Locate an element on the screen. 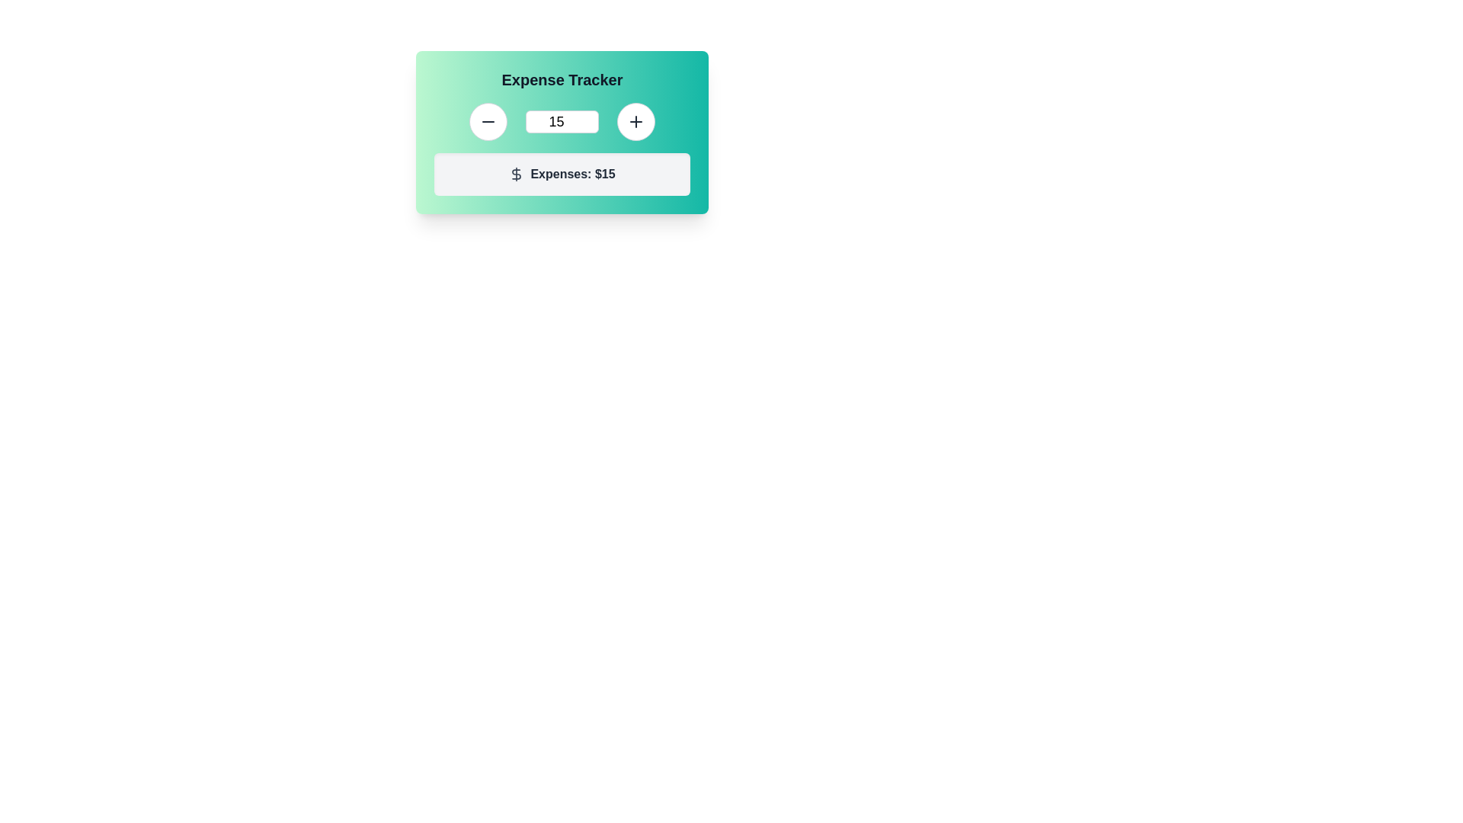 The width and height of the screenshot is (1463, 823). the informational display label that indicates the current expense value, located in the lower section of the 'Expense Tracker' panel, to the right of the dollar sign icon is located at coordinates (572, 173).